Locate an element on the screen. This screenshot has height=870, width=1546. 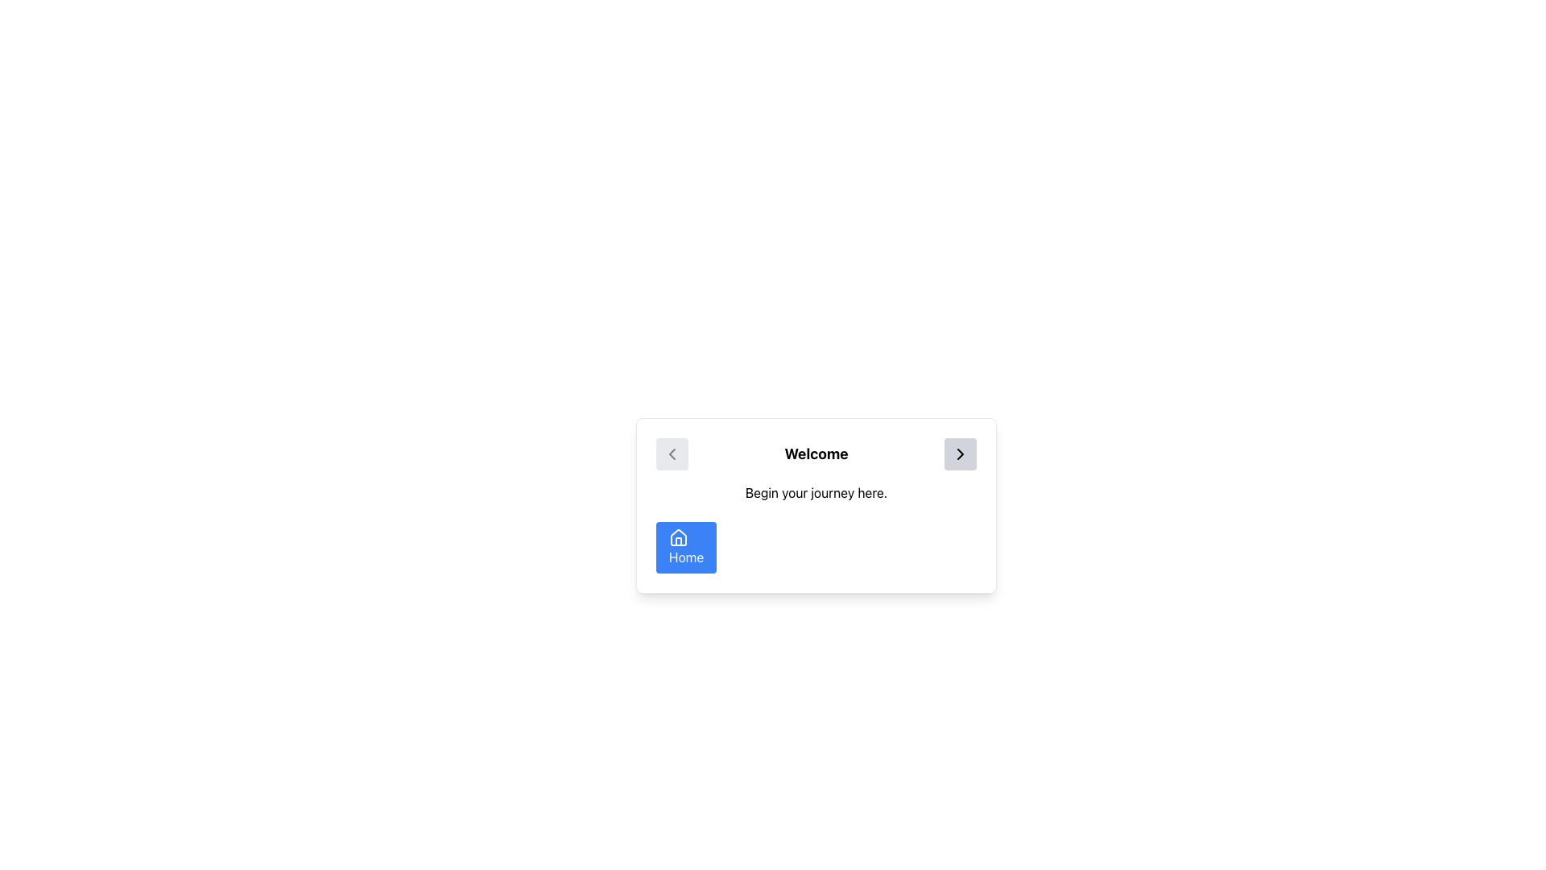
the rightward arrow icon located in the rightmost button of the navigation panel, which signifies progression is located at coordinates (960, 454).